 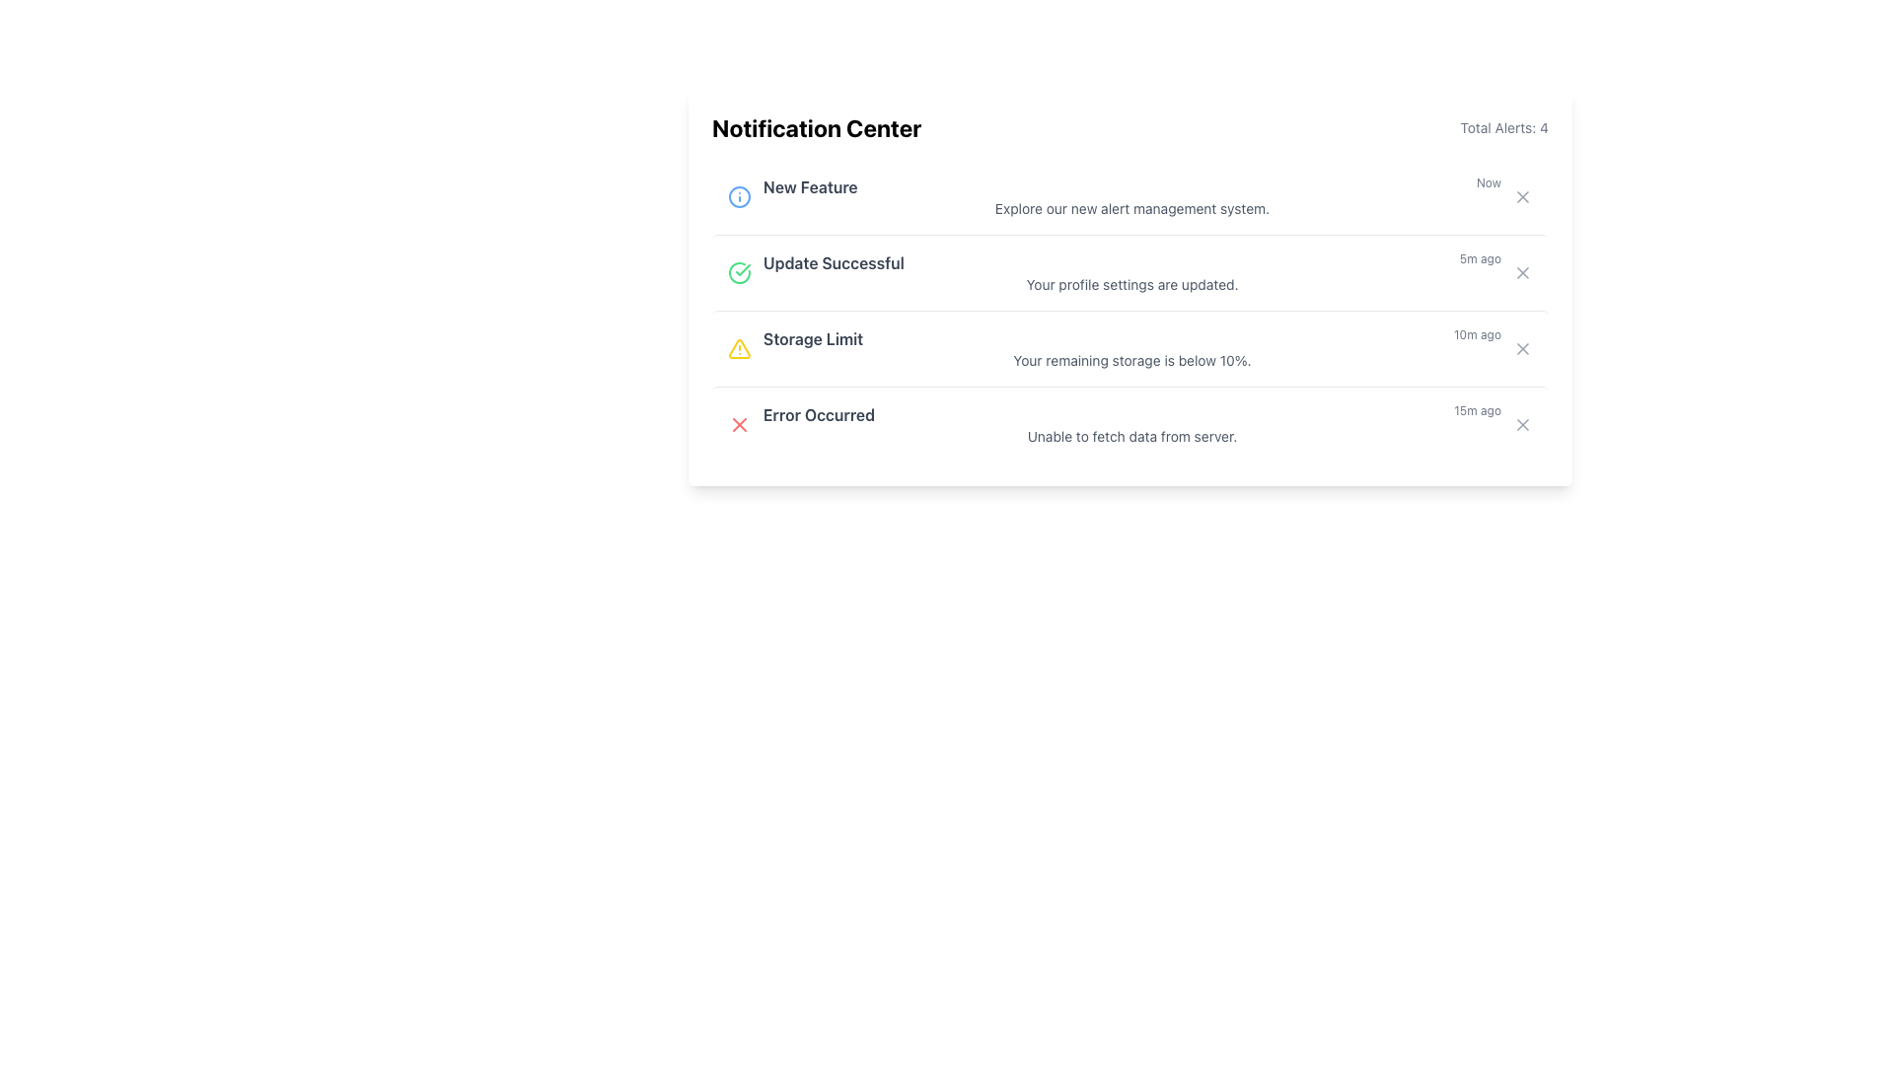 What do you see at coordinates (1131, 361) in the screenshot?
I see `the static text element that informs the user about their storage being below 10%, located in the third notification block labeled 'Storage Limit'` at bounding box center [1131, 361].